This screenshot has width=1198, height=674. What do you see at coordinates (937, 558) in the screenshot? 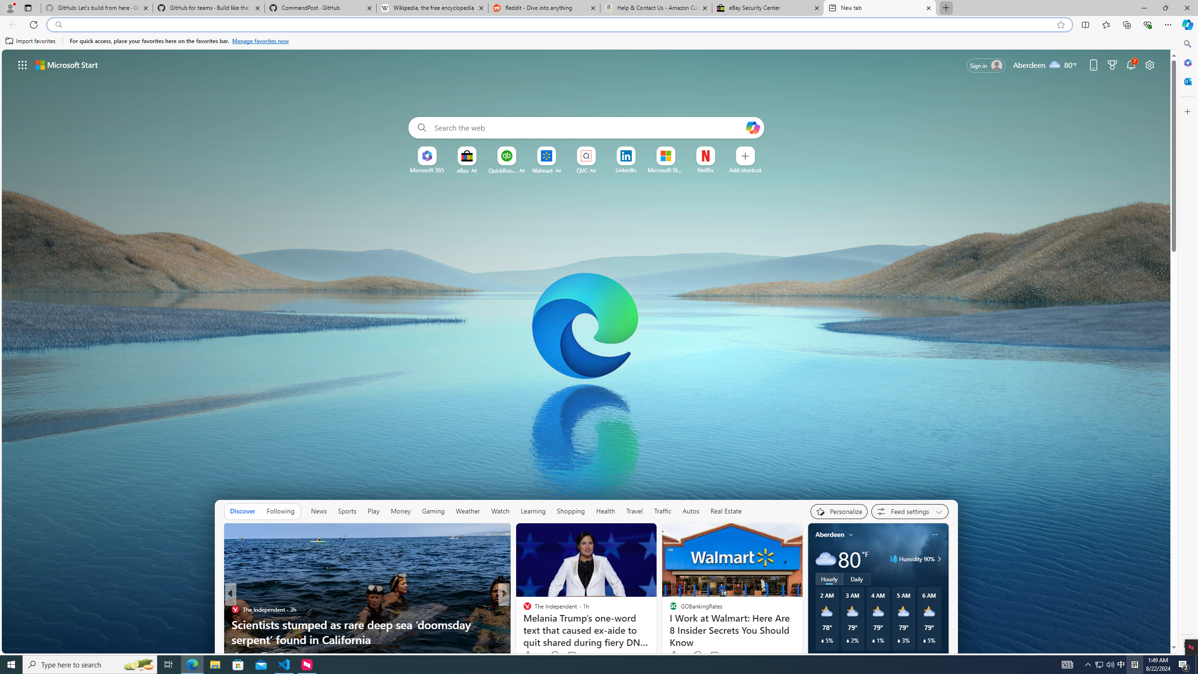
I see `'Humidity 90%'` at bounding box center [937, 558].